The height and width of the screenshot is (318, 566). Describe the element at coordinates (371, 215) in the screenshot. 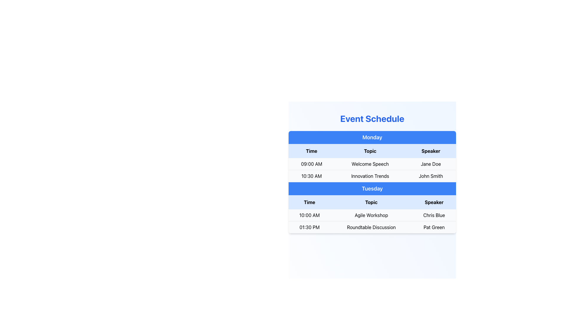

I see `the text display element containing 'Agile Workshop' in the central column of the Tuesday event schedule` at that location.